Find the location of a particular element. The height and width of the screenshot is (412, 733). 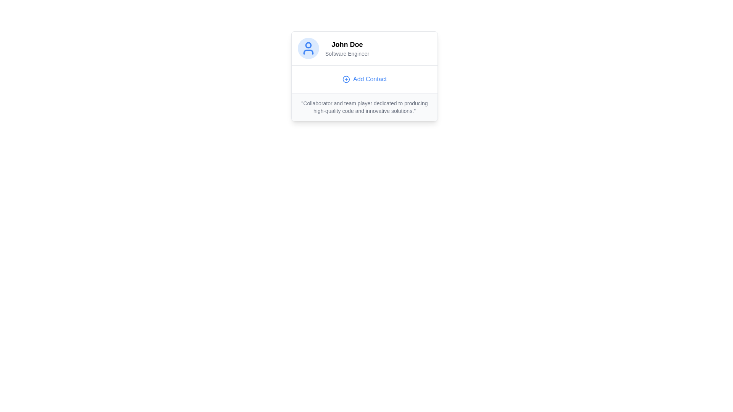

the circular graphic representing an add action, which is part of an icon next to the 'Add Contact' text is located at coordinates (346, 79).